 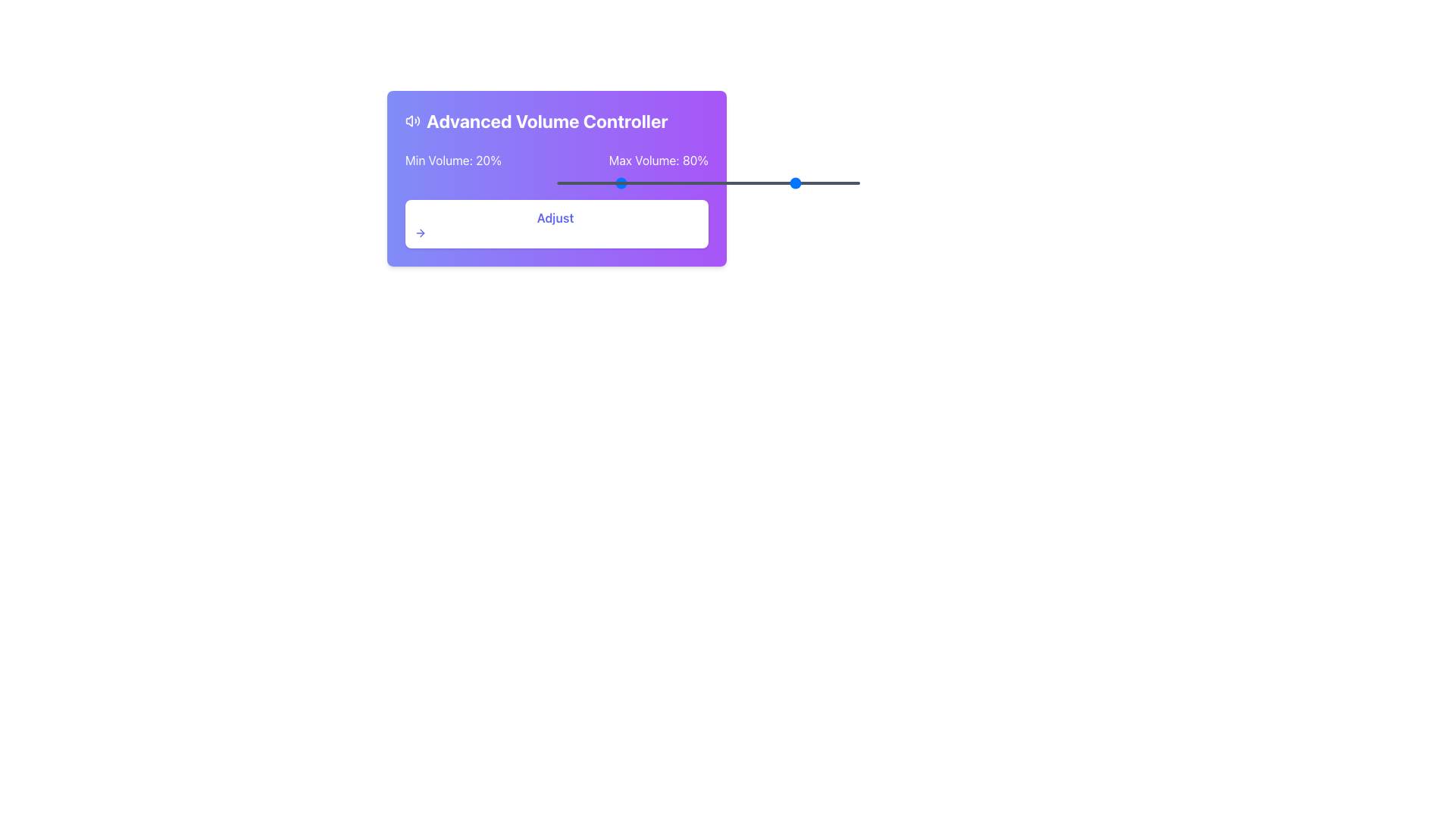 What do you see at coordinates (452, 161) in the screenshot?
I see `the text label displaying 'Min Volume: 20%' with white text on a purple gradient background, which is located in the upper-left section of the component` at bounding box center [452, 161].